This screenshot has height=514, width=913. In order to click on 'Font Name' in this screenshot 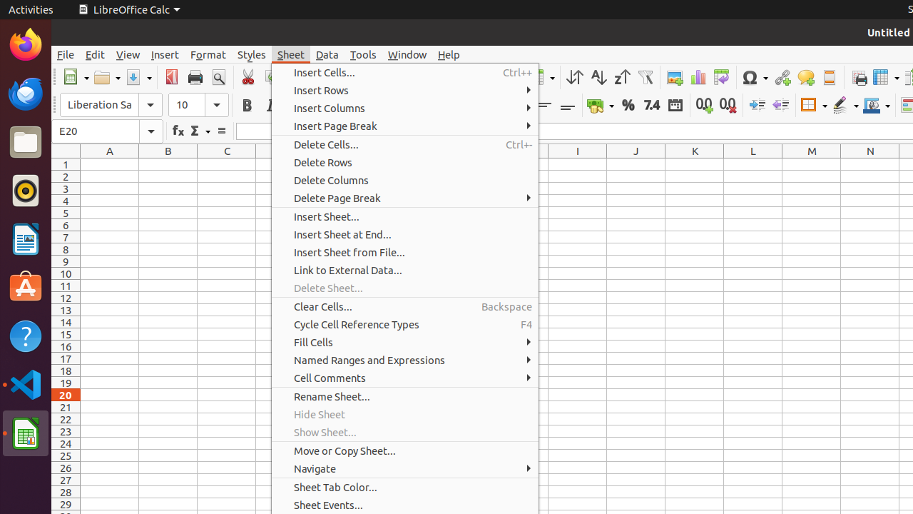, I will do `click(111, 104)`.